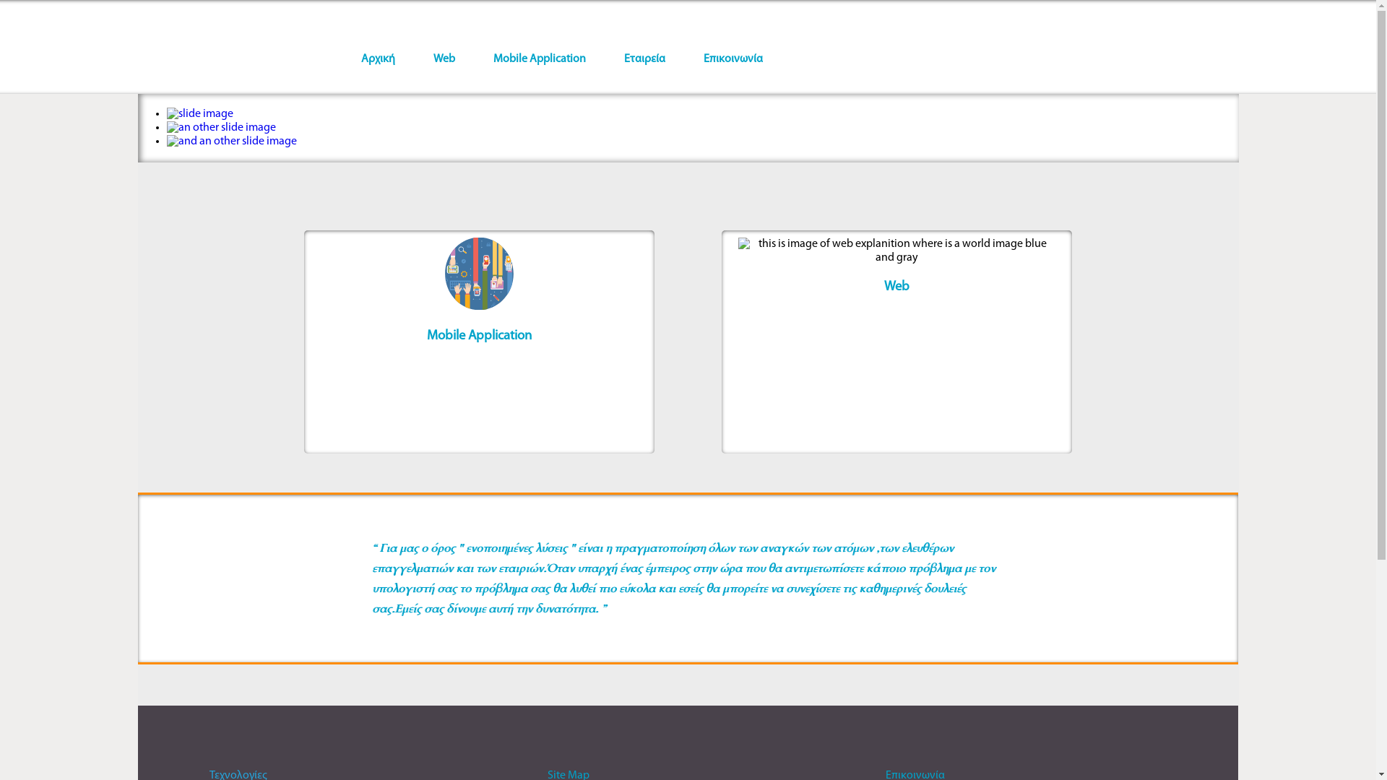 The width and height of the screenshot is (1387, 780). I want to click on 'Mobile Application', so click(539, 58).